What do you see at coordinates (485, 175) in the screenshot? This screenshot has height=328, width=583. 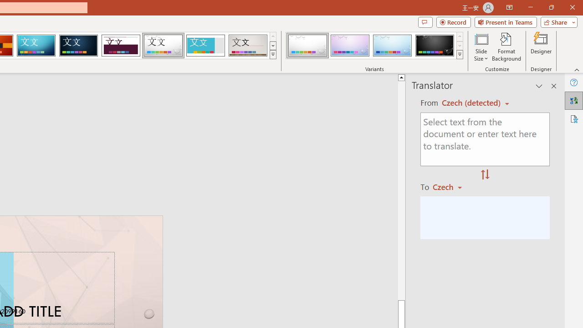 I see `'Swap "from" and "to" languages.'` at bounding box center [485, 175].